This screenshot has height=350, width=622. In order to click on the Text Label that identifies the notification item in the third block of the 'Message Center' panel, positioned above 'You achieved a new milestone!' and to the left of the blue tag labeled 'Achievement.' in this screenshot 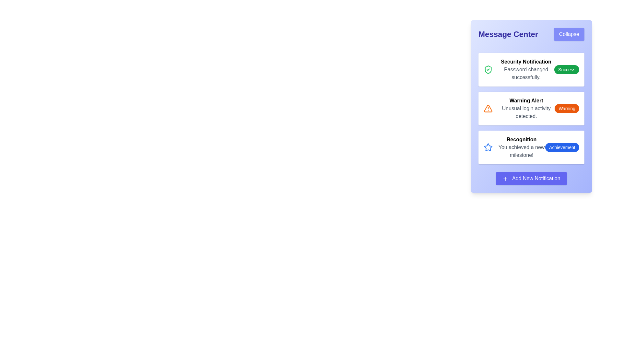, I will do `click(522, 139)`.